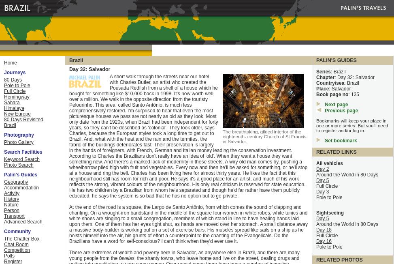  What do you see at coordinates (4, 193) in the screenshot?
I see `'Activity'` at bounding box center [4, 193].